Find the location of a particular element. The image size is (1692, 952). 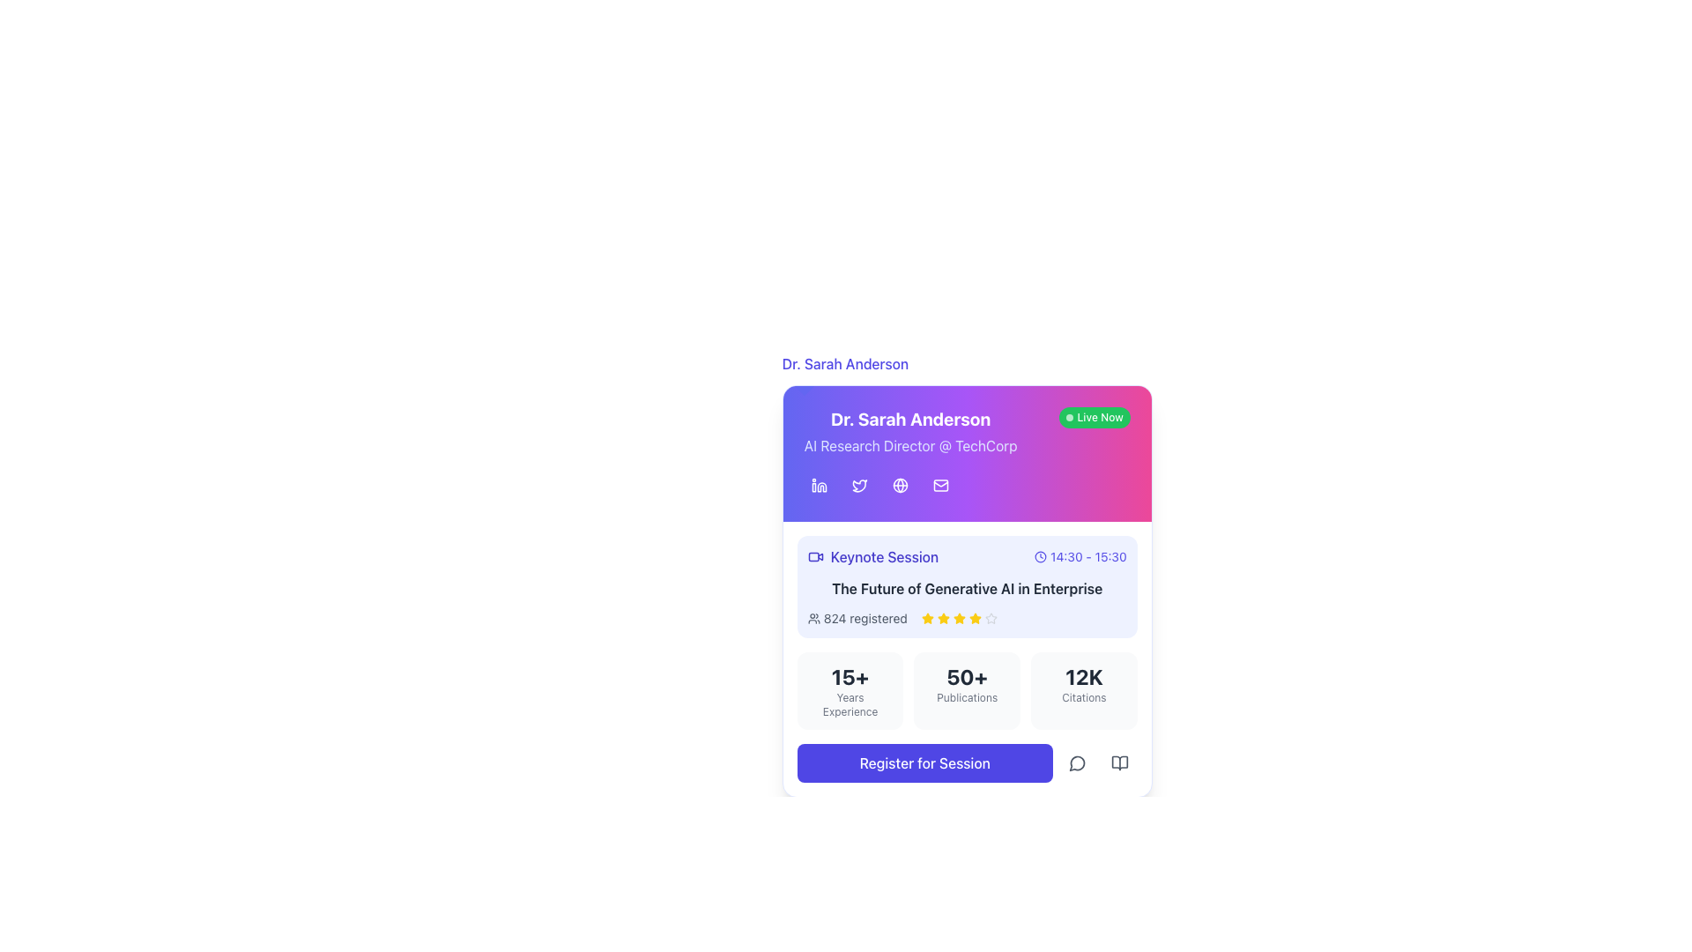

the second yellow star icon in the rating section of the user session registration interface is located at coordinates (926, 617).